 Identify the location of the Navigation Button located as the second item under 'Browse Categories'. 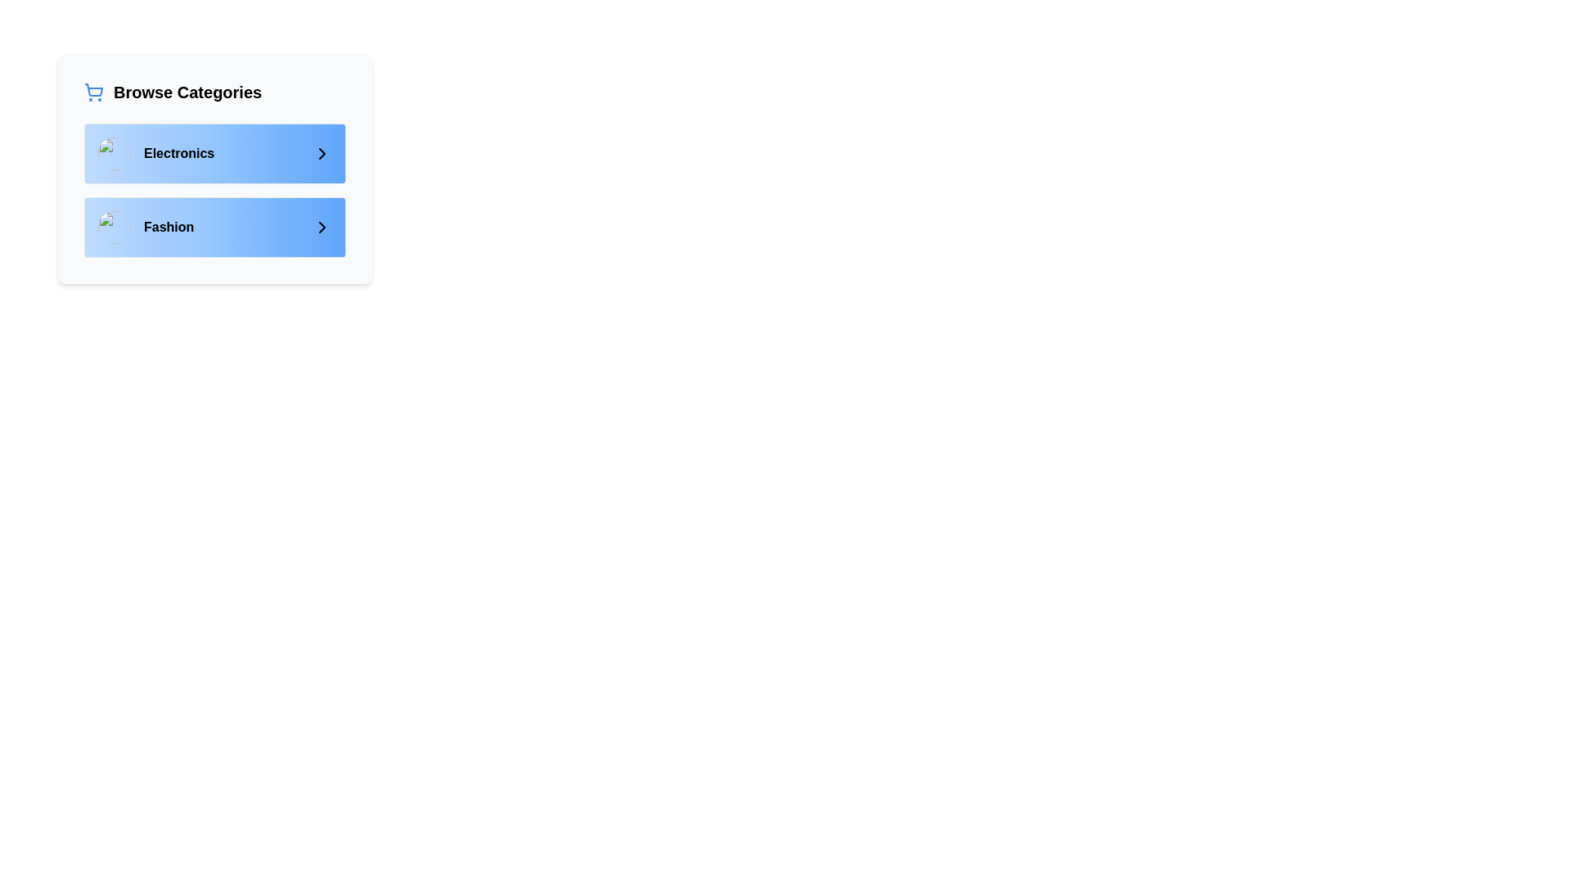
(214, 227).